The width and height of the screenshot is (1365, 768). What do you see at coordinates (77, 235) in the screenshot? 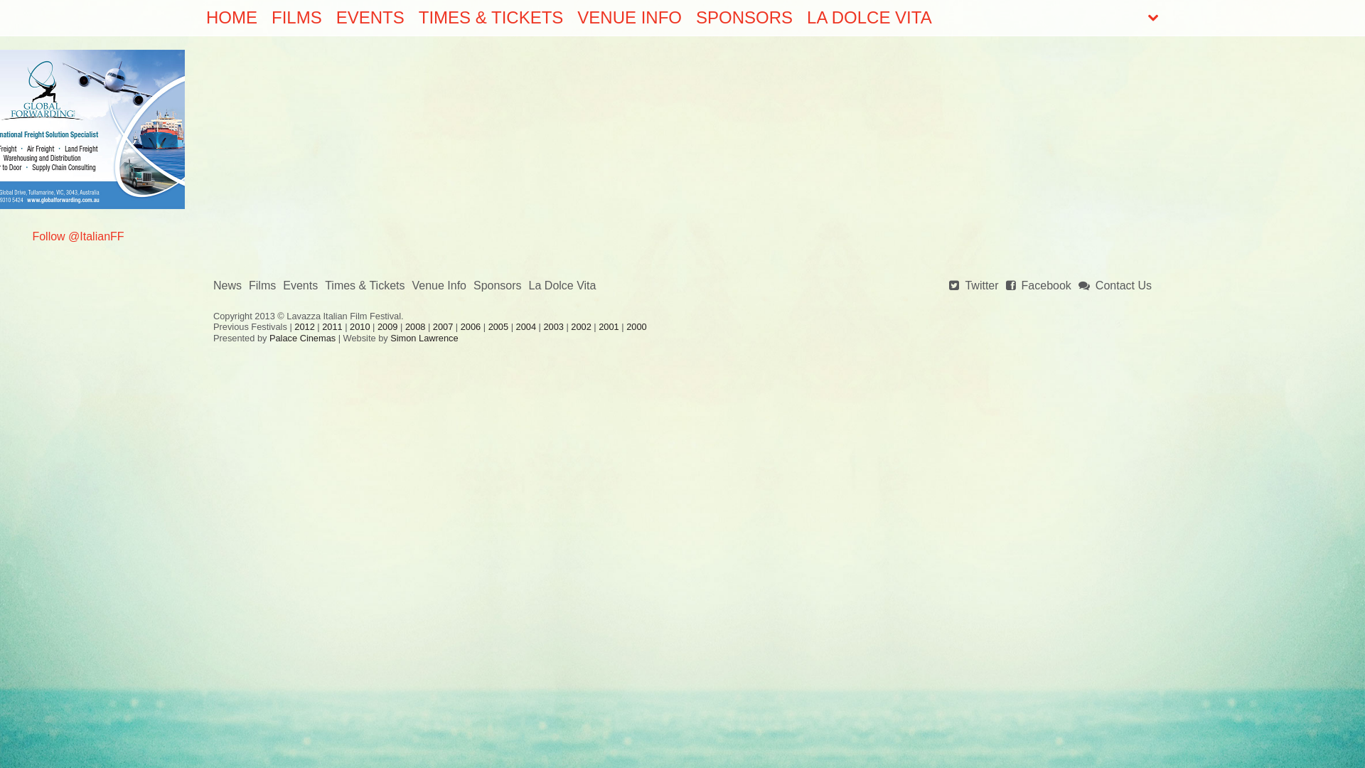
I see `'Follow @ItalianFF'` at bounding box center [77, 235].